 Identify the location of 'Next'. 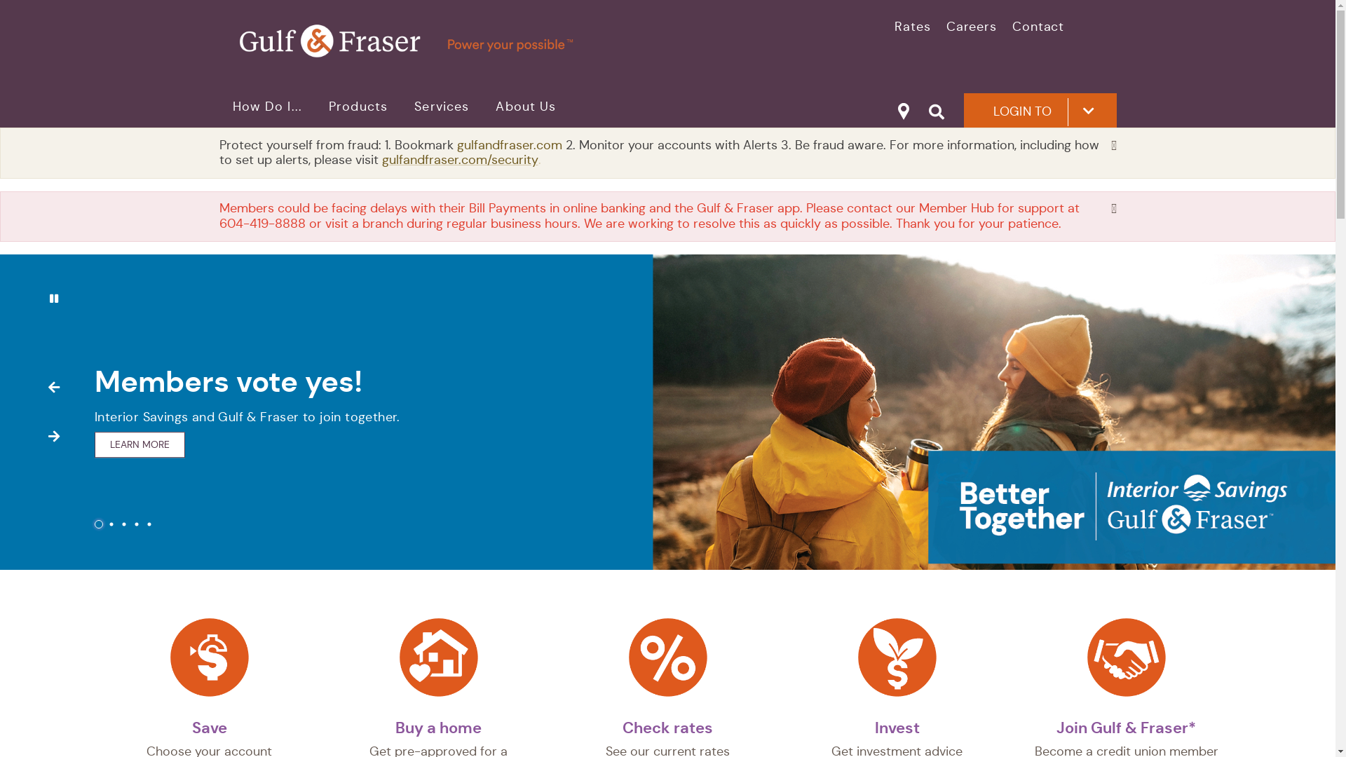
(53, 436).